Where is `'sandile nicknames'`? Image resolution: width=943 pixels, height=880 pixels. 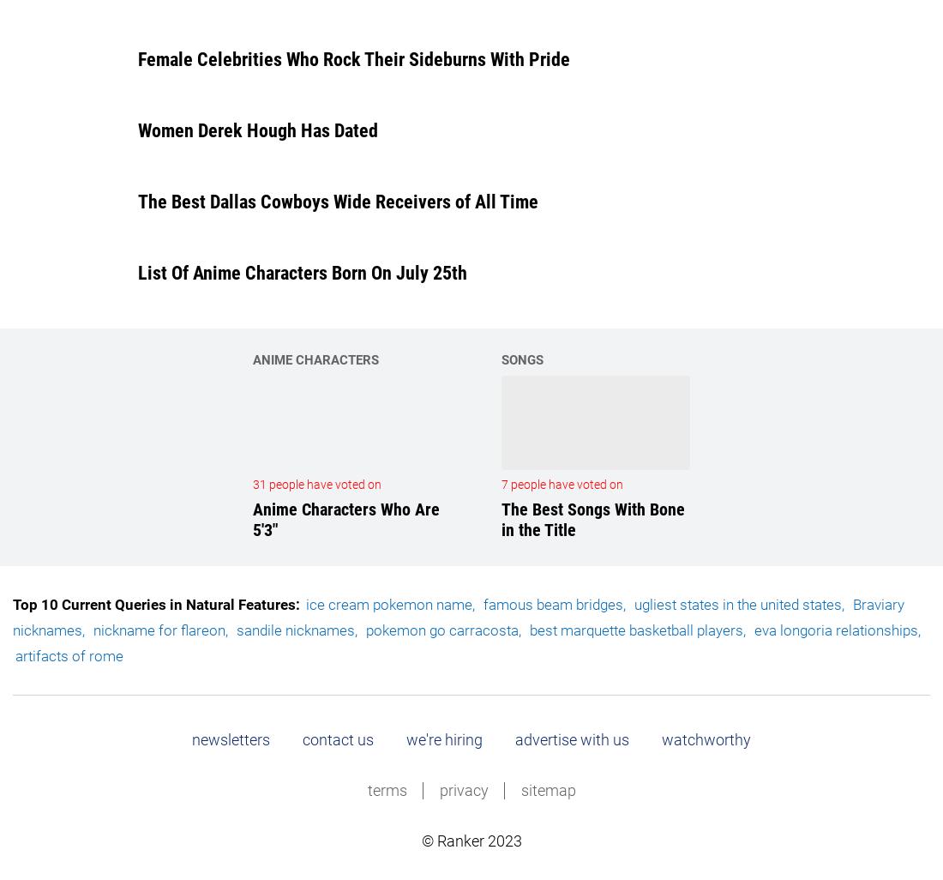
'sandile nicknames' is located at coordinates (294, 630).